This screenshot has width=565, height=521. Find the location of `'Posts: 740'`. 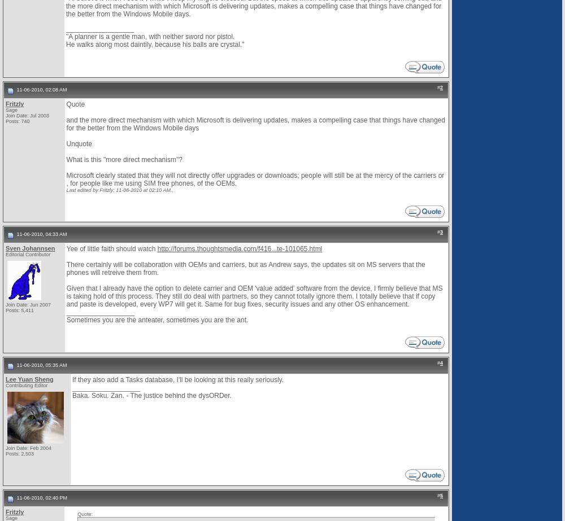

'Posts: 740' is located at coordinates (6, 121).